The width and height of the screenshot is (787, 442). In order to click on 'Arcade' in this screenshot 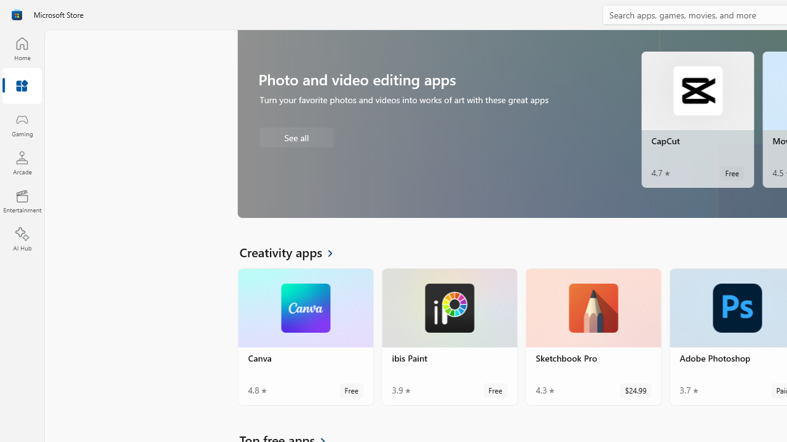, I will do `click(22, 162)`.